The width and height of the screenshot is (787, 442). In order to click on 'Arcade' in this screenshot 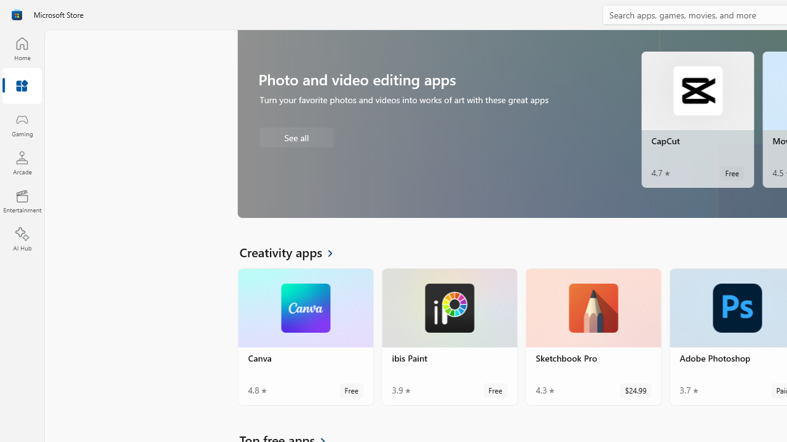, I will do `click(22, 162)`.